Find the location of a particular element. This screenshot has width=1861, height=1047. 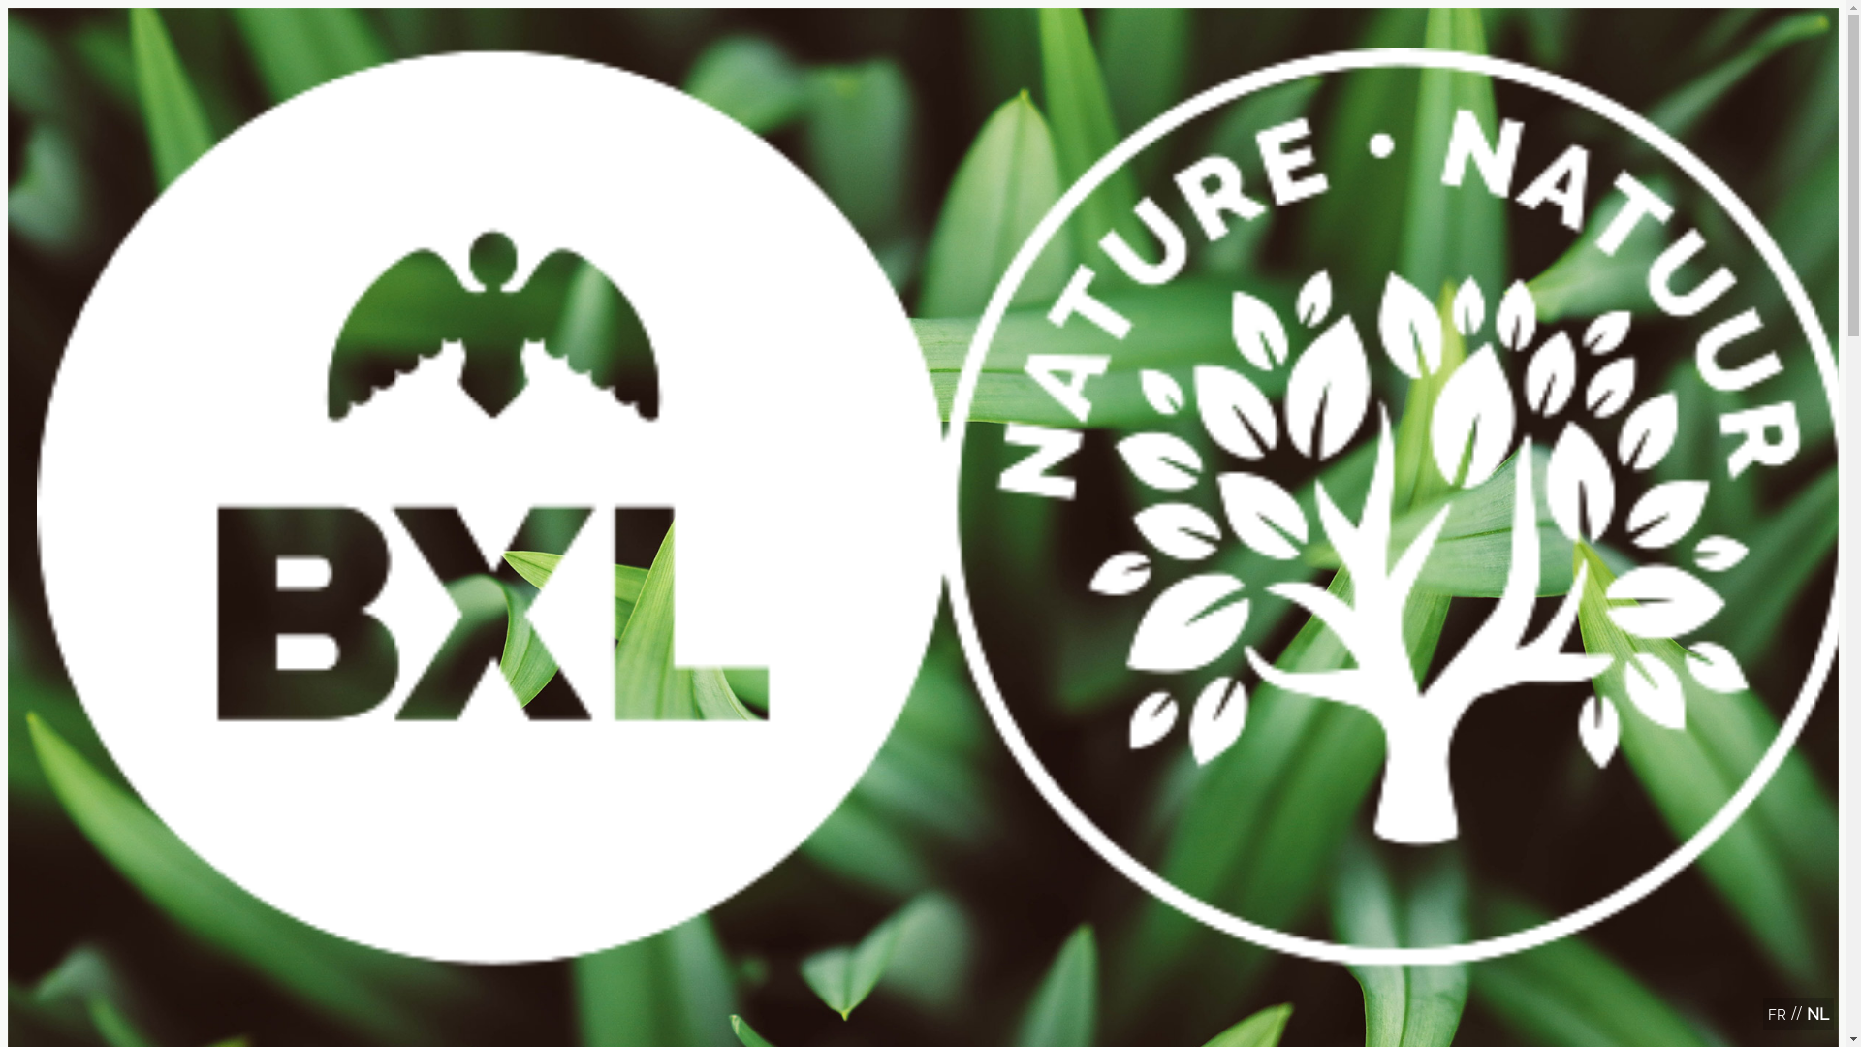

'NL' is located at coordinates (1816, 1012).